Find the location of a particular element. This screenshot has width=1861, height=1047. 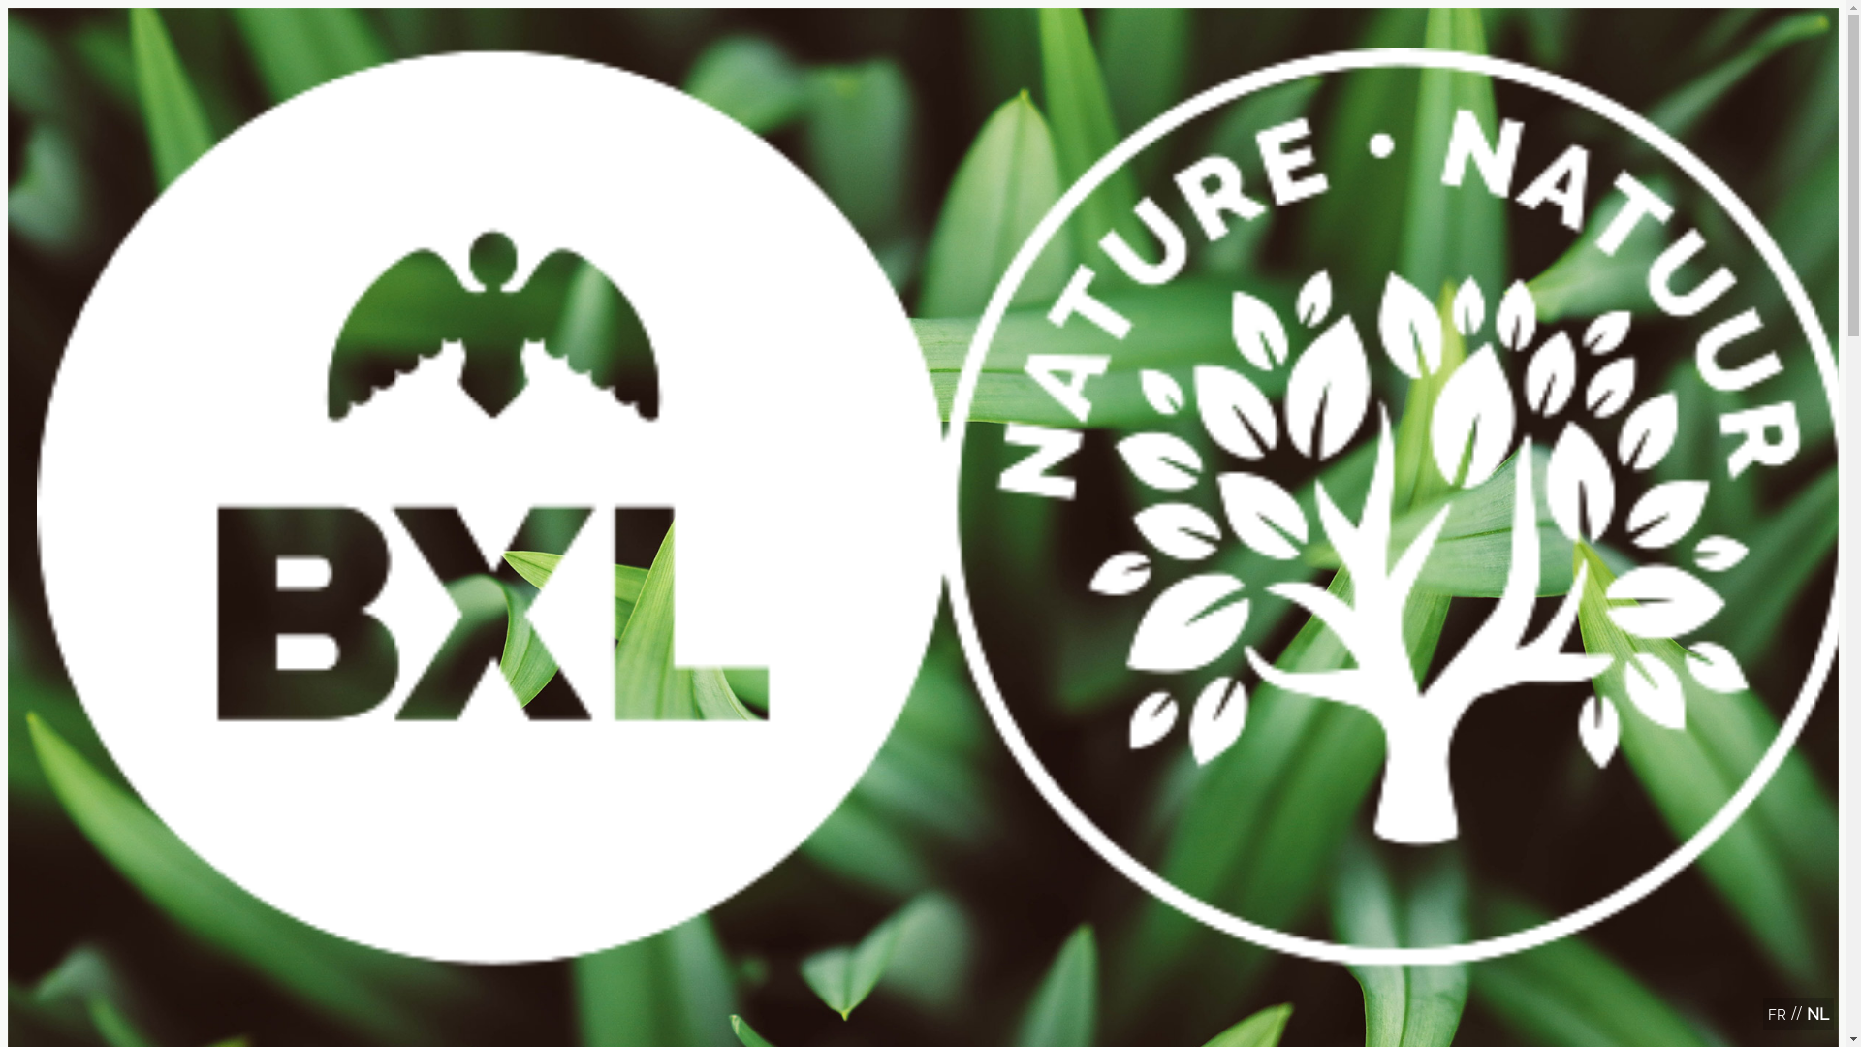

'NL' is located at coordinates (1816, 1012).